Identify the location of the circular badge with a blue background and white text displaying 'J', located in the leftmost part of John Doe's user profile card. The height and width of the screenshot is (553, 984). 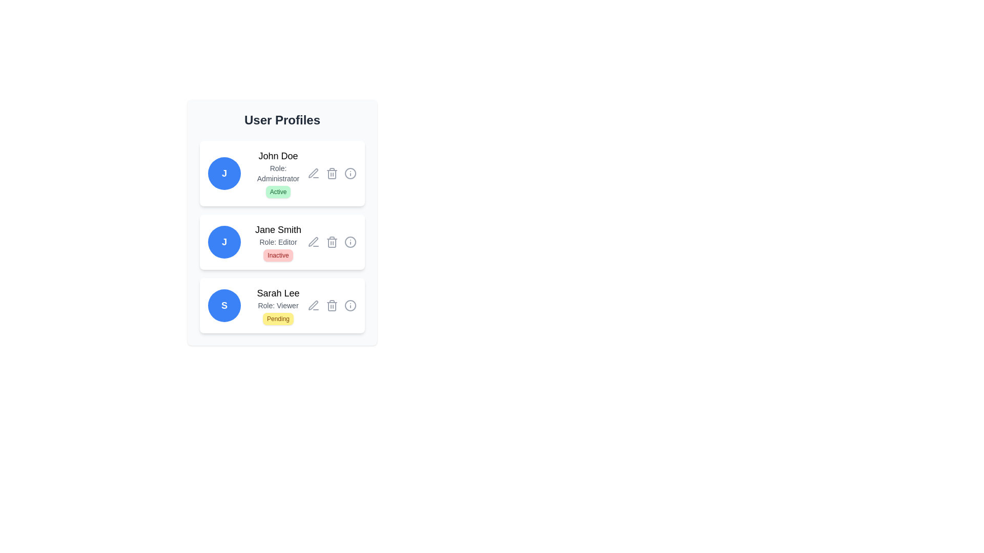
(223, 173).